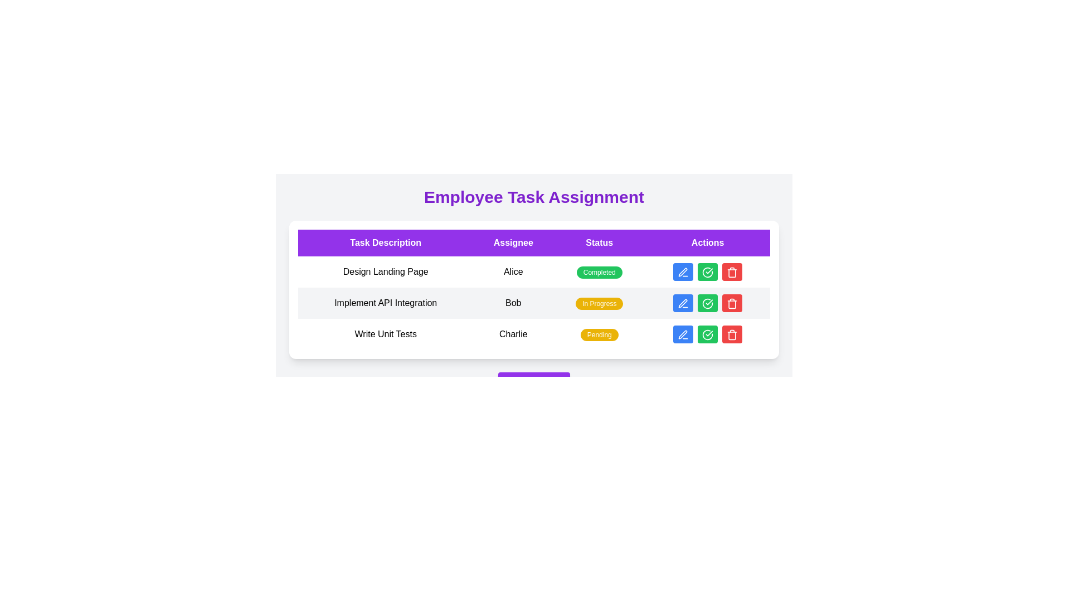  Describe the element at coordinates (386, 272) in the screenshot. I see `the Text label displaying the title or description of a task in the 'Task Description' column of the first row of the task assignment table` at that location.